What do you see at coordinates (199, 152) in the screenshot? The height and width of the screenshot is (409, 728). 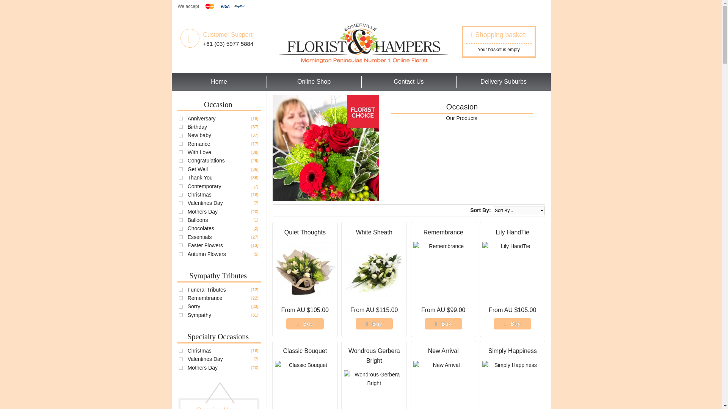 I see `'With Love` at bounding box center [199, 152].